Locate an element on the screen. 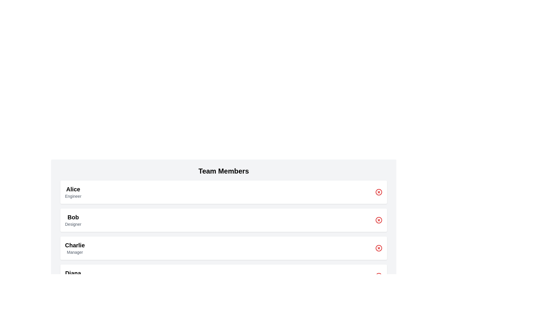  the delete button located next to the entry for 'Charlie' is located at coordinates (379, 248).